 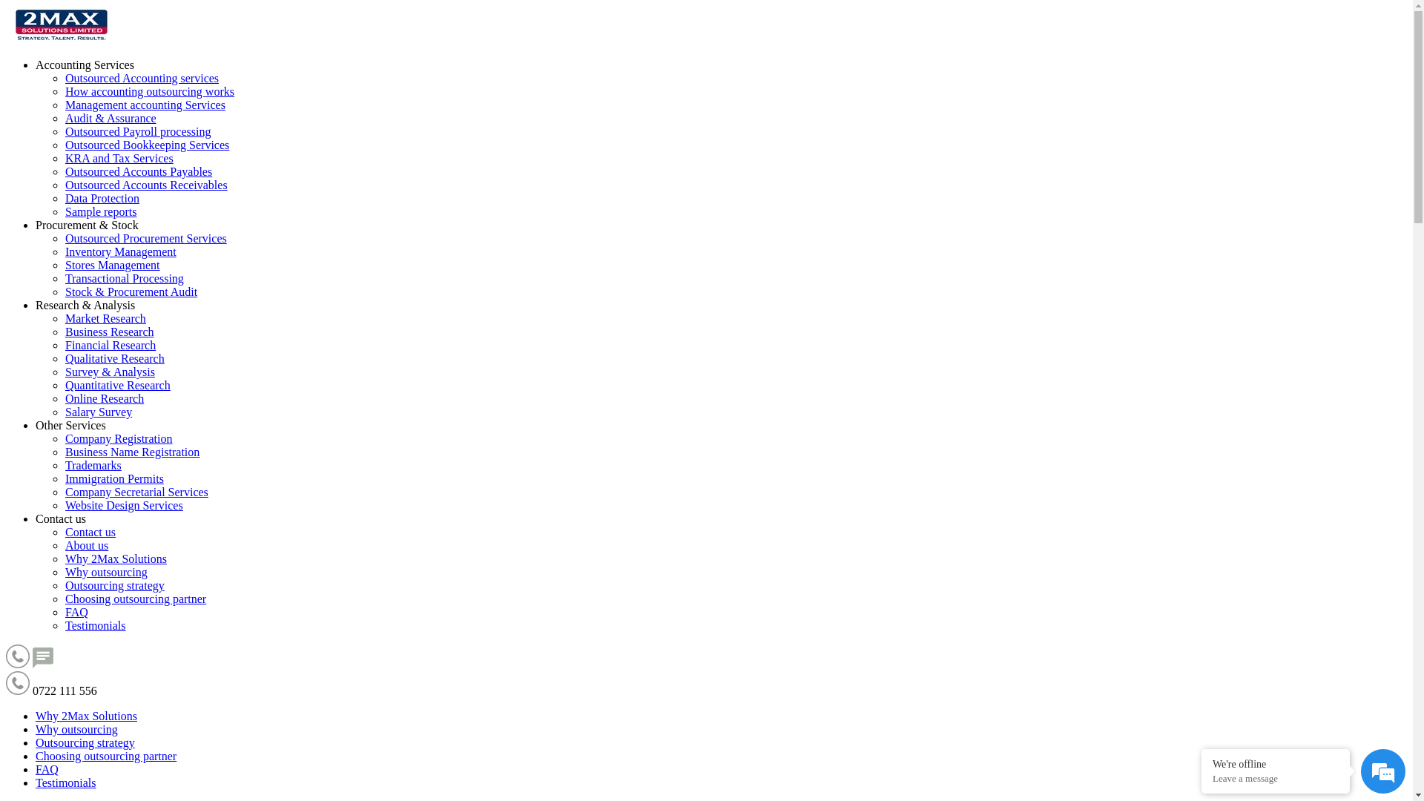 I want to click on 'How accounting outsourcing works', so click(x=149, y=91).